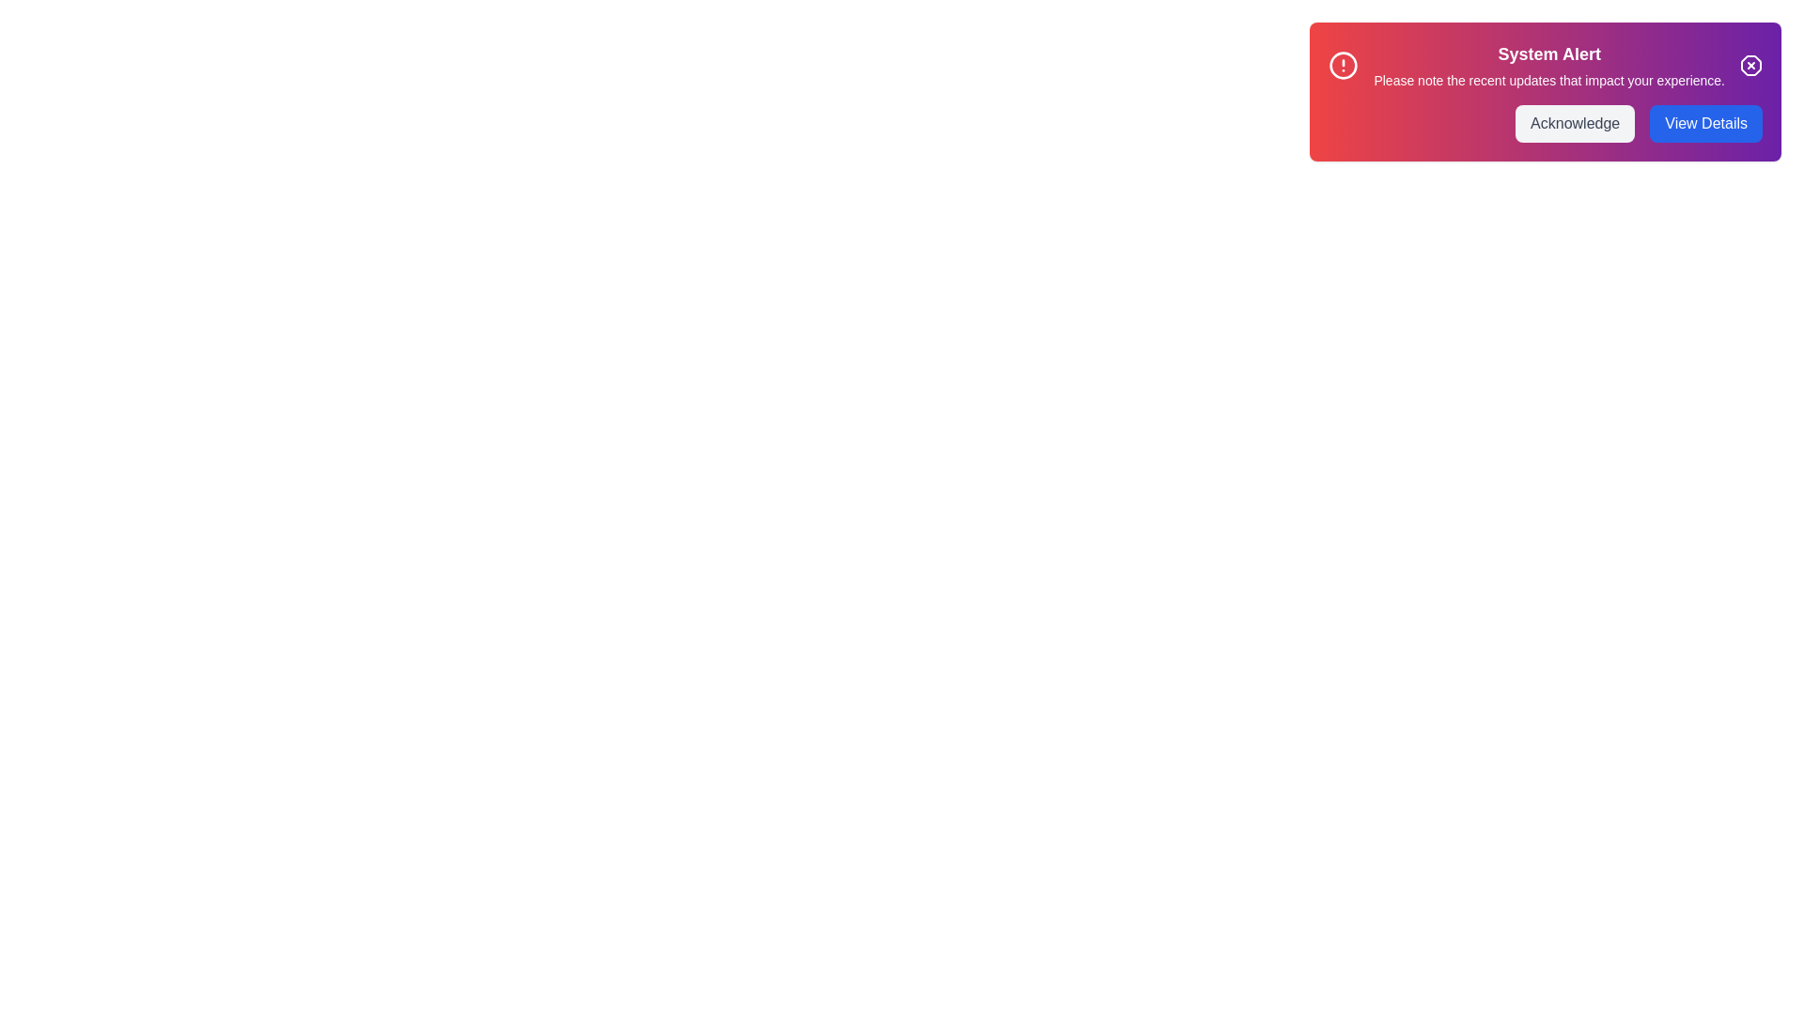 The height and width of the screenshot is (1014, 1804). I want to click on the interactive elements: Close Button, so click(1750, 64).